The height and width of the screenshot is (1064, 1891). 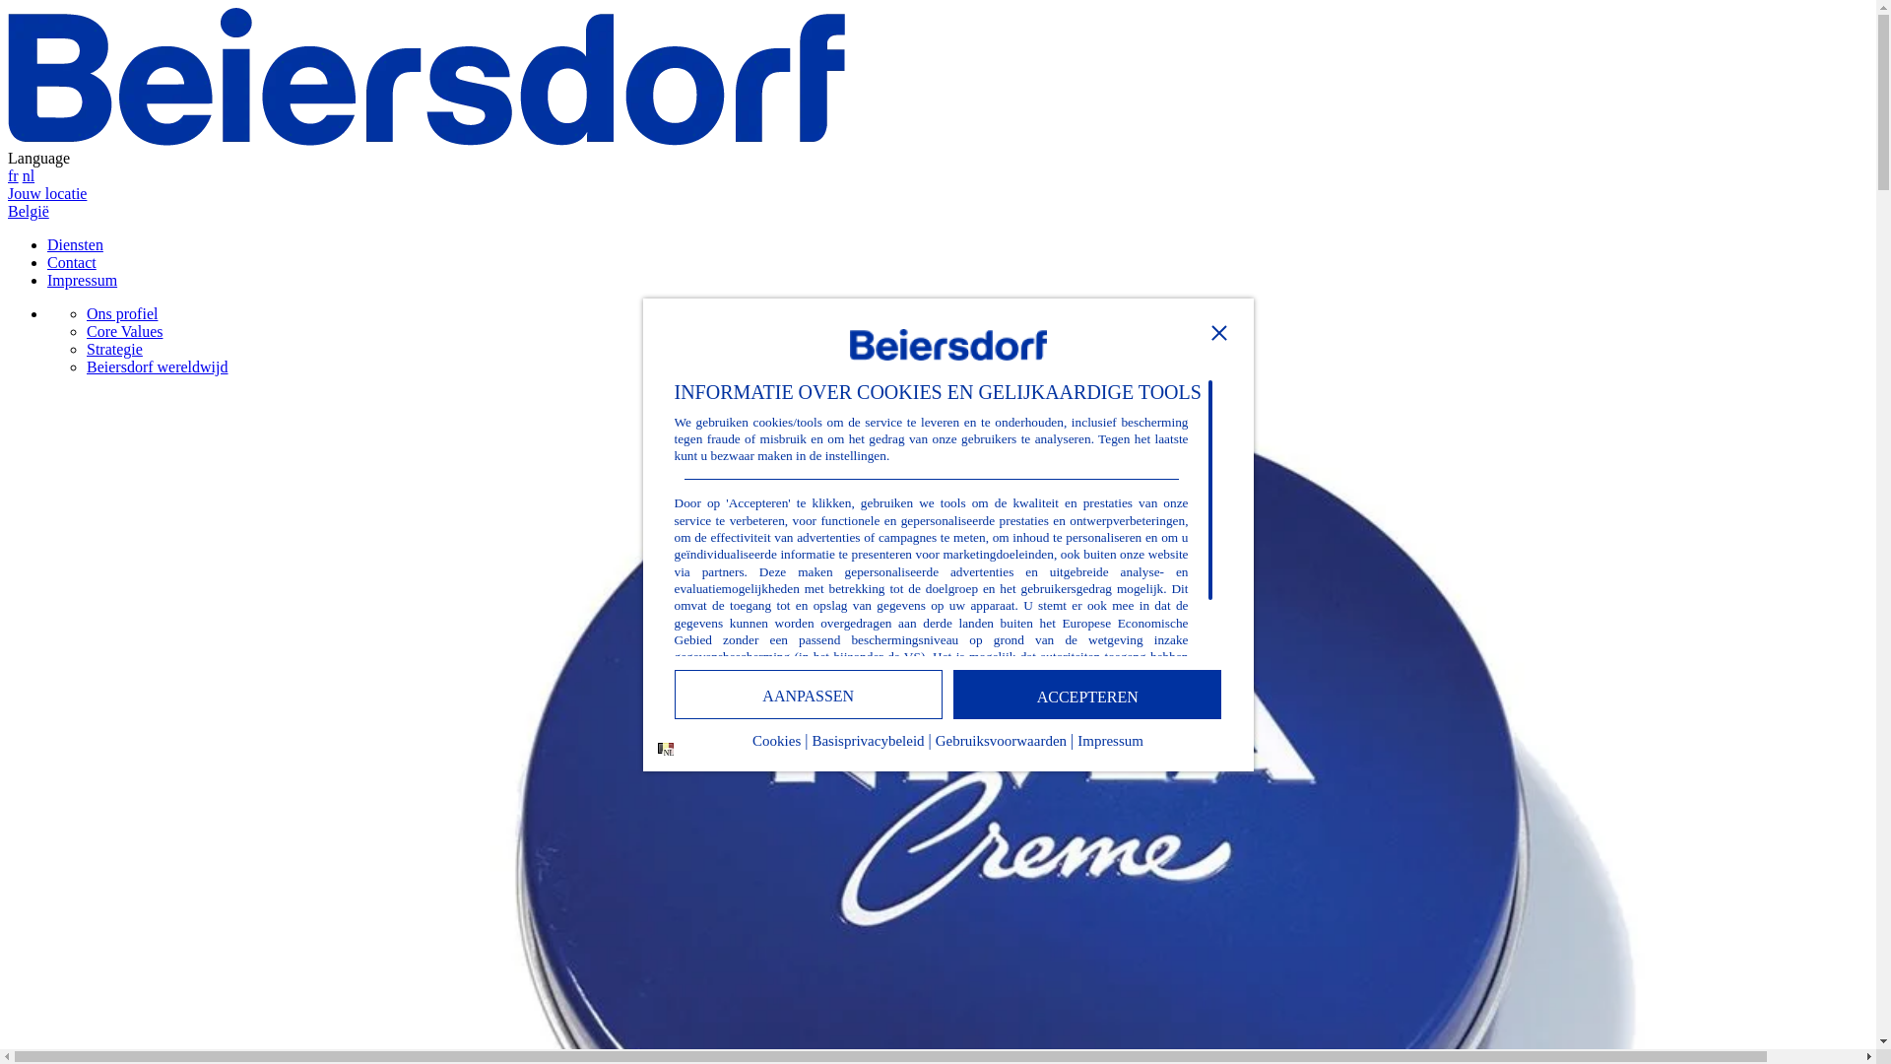 What do you see at coordinates (8, 174) in the screenshot?
I see `'fr'` at bounding box center [8, 174].